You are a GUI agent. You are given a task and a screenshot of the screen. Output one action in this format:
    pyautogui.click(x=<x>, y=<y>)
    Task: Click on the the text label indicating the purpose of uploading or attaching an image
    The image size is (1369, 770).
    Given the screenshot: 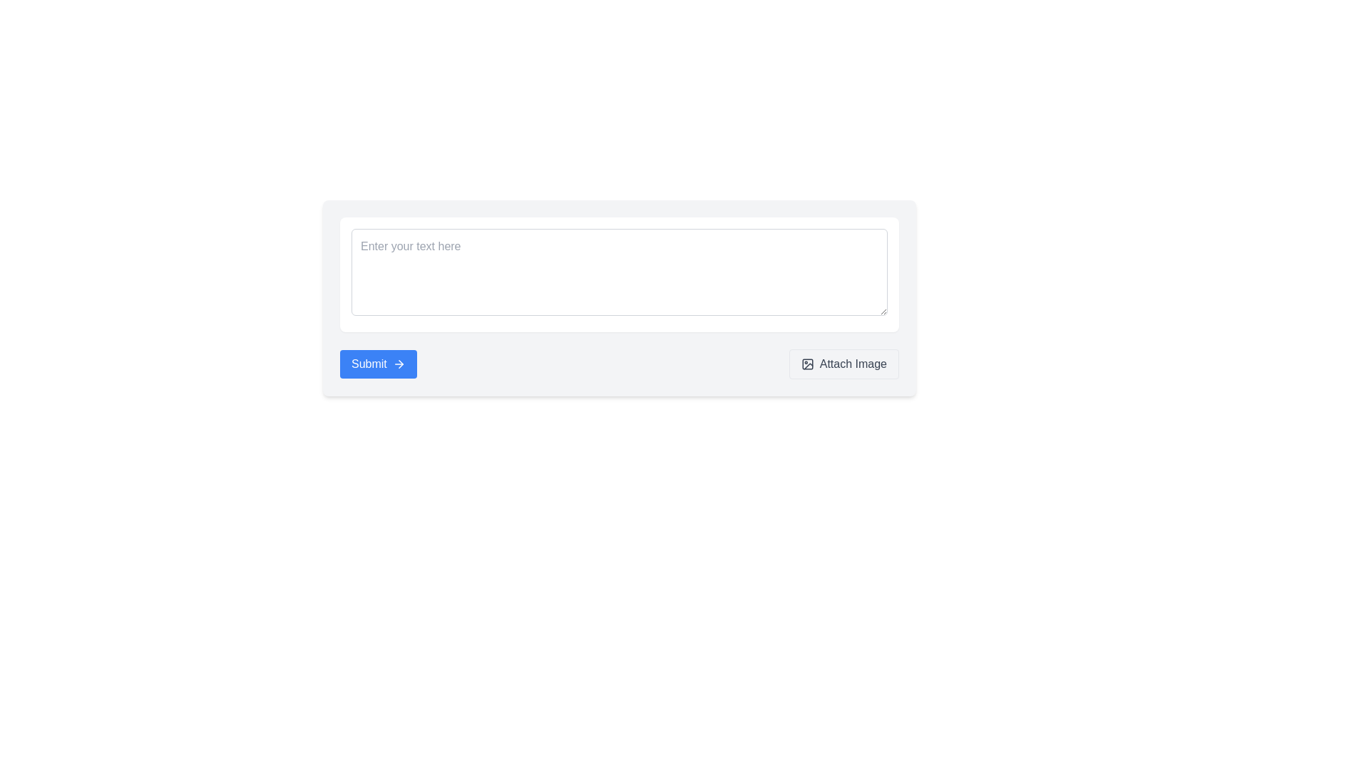 What is the action you would take?
    pyautogui.click(x=853, y=363)
    